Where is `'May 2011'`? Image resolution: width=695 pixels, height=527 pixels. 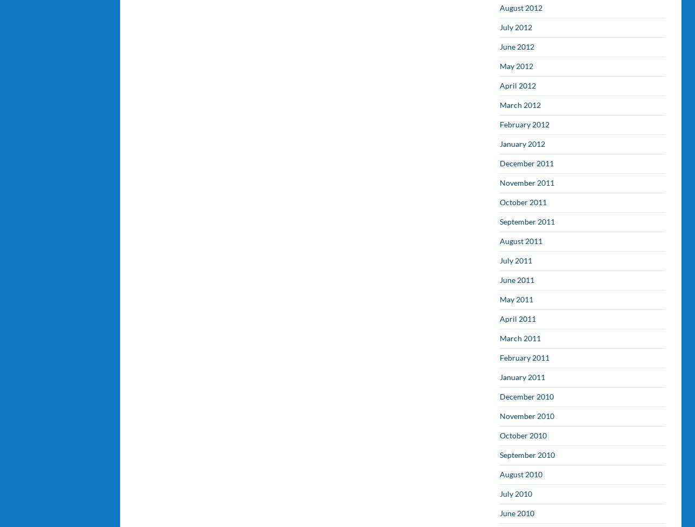 'May 2011' is located at coordinates (517, 299).